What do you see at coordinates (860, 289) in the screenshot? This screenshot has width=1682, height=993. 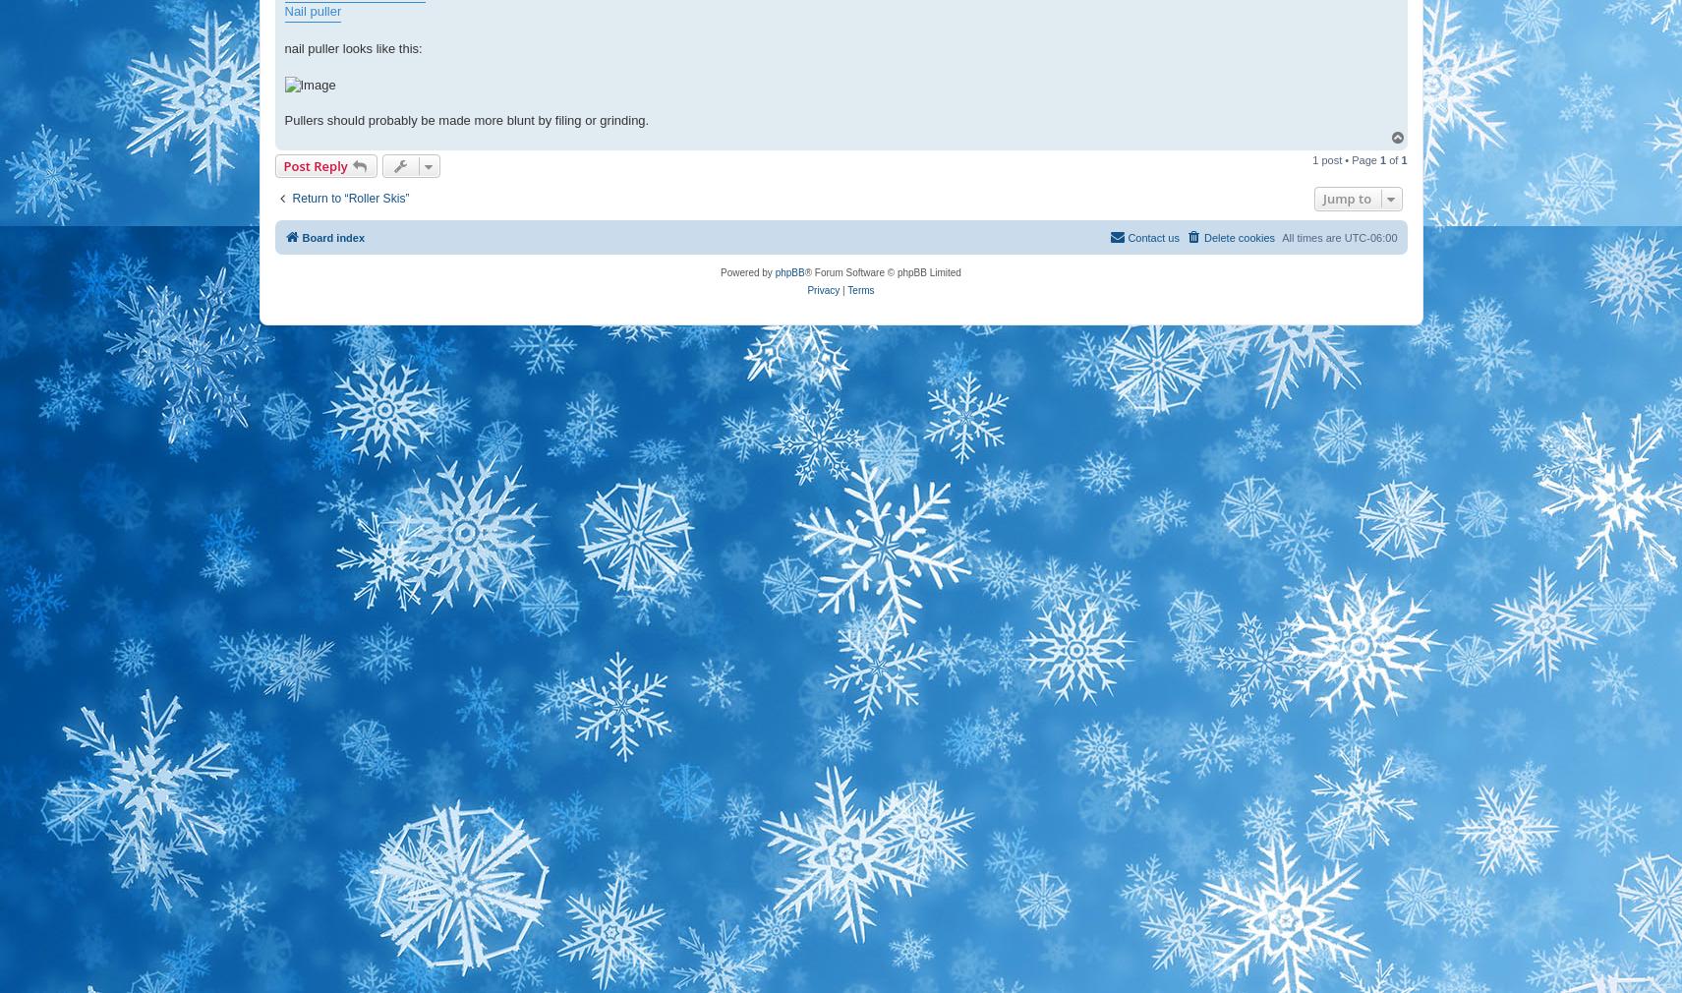 I see `'Terms'` at bounding box center [860, 289].